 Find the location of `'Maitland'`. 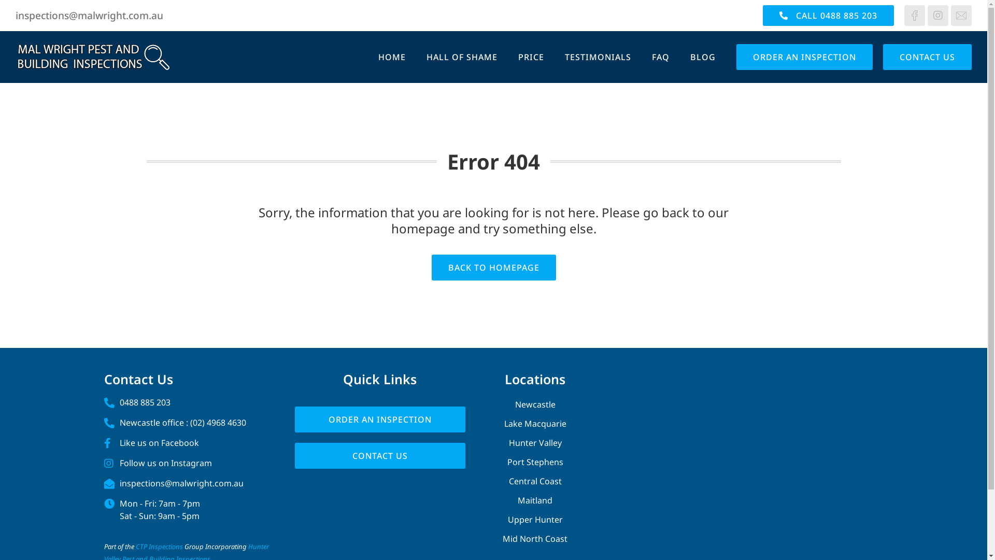

'Maitland' is located at coordinates (535, 499).